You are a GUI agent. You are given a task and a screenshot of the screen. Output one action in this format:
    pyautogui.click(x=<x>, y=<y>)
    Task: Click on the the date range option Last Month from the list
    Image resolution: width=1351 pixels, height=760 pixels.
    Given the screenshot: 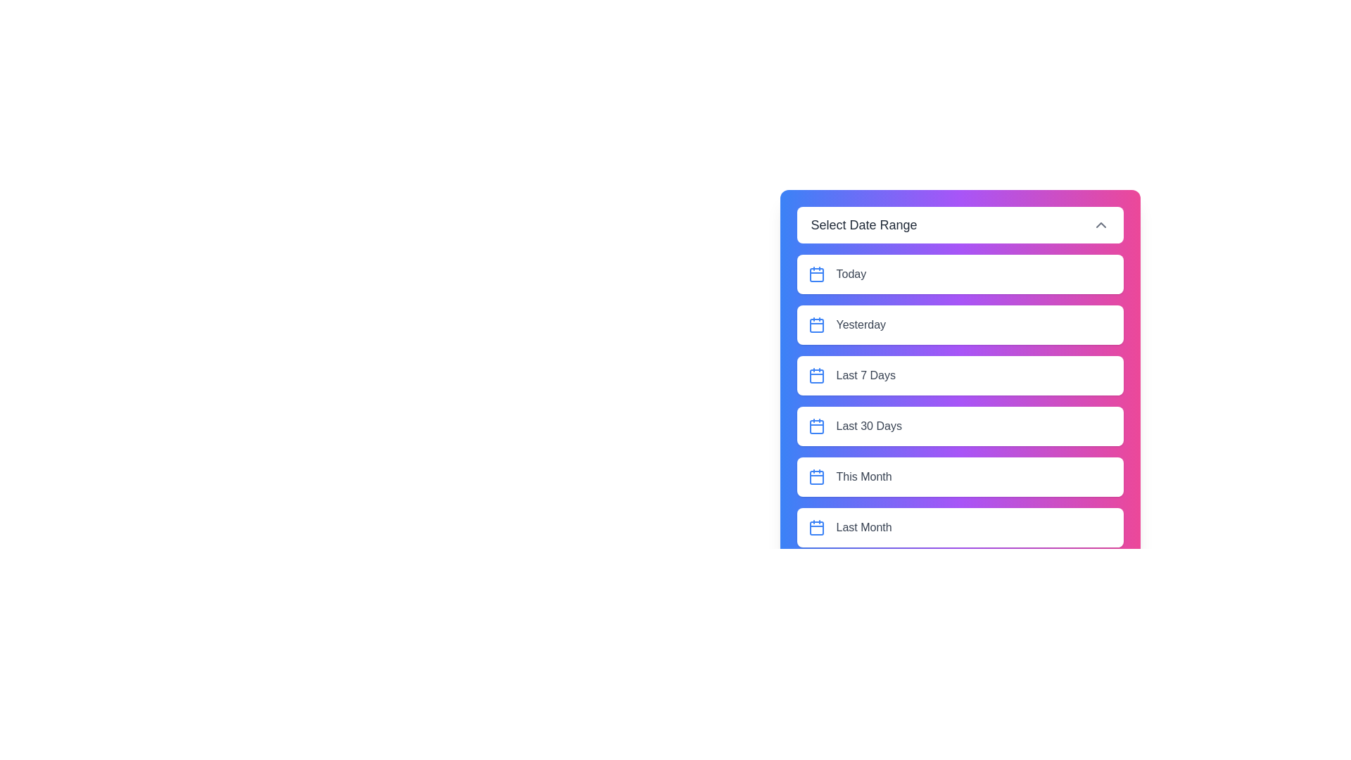 What is the action you would take?
    pyautogui.click(x=959, y=527)
    